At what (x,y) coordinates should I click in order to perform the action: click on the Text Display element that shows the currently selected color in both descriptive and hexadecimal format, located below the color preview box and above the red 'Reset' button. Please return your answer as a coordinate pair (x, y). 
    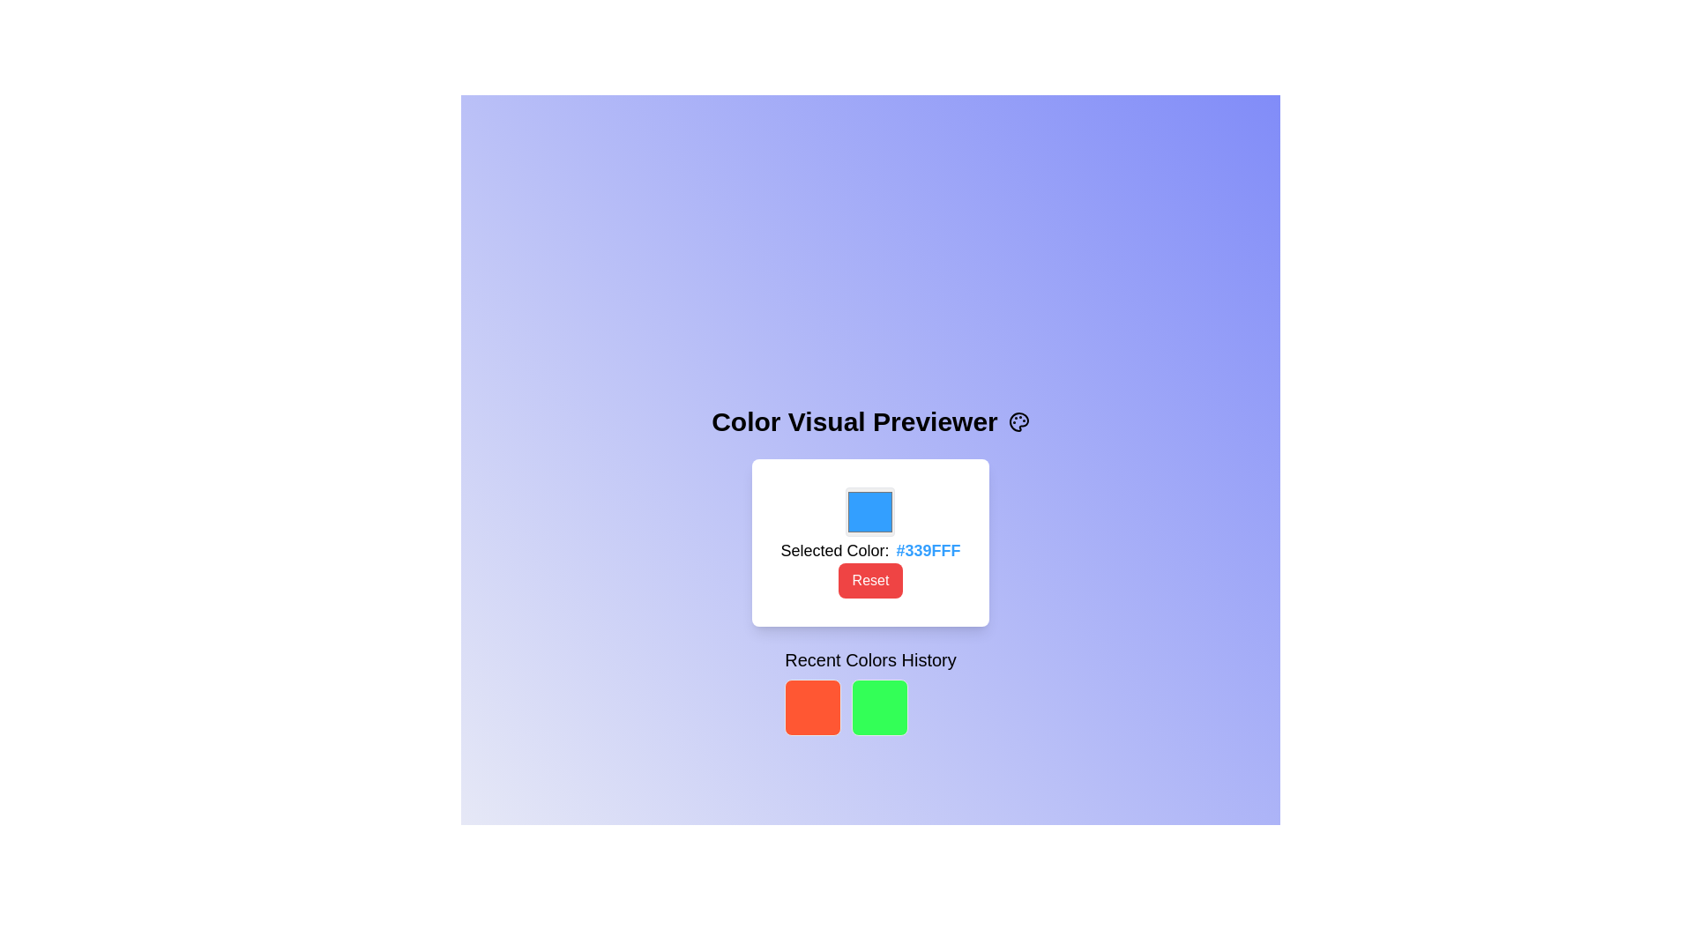
    Looking at the image, I should click on (870, 549).